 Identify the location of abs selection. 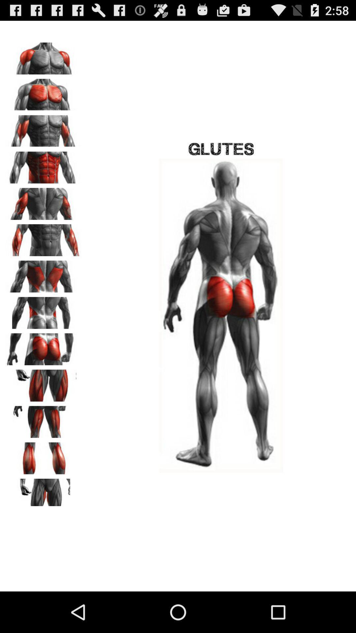
(43, 165).